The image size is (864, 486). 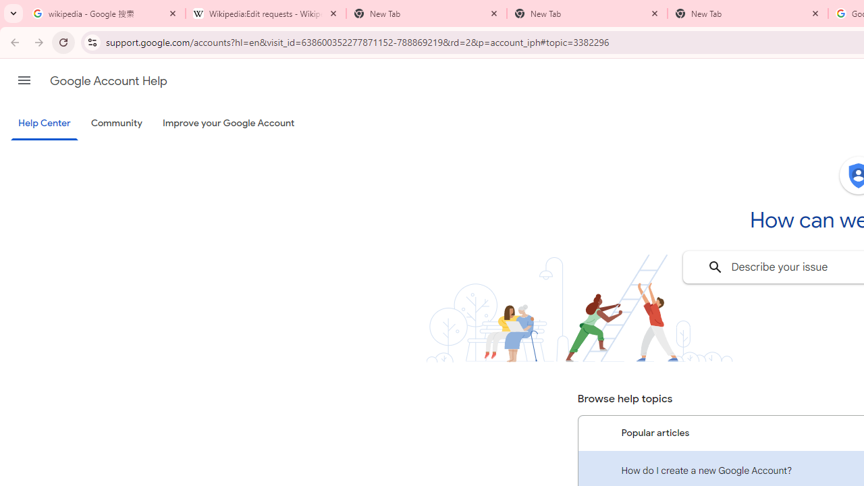 I want to click on 'Main menu', so click(x=24, y=80).